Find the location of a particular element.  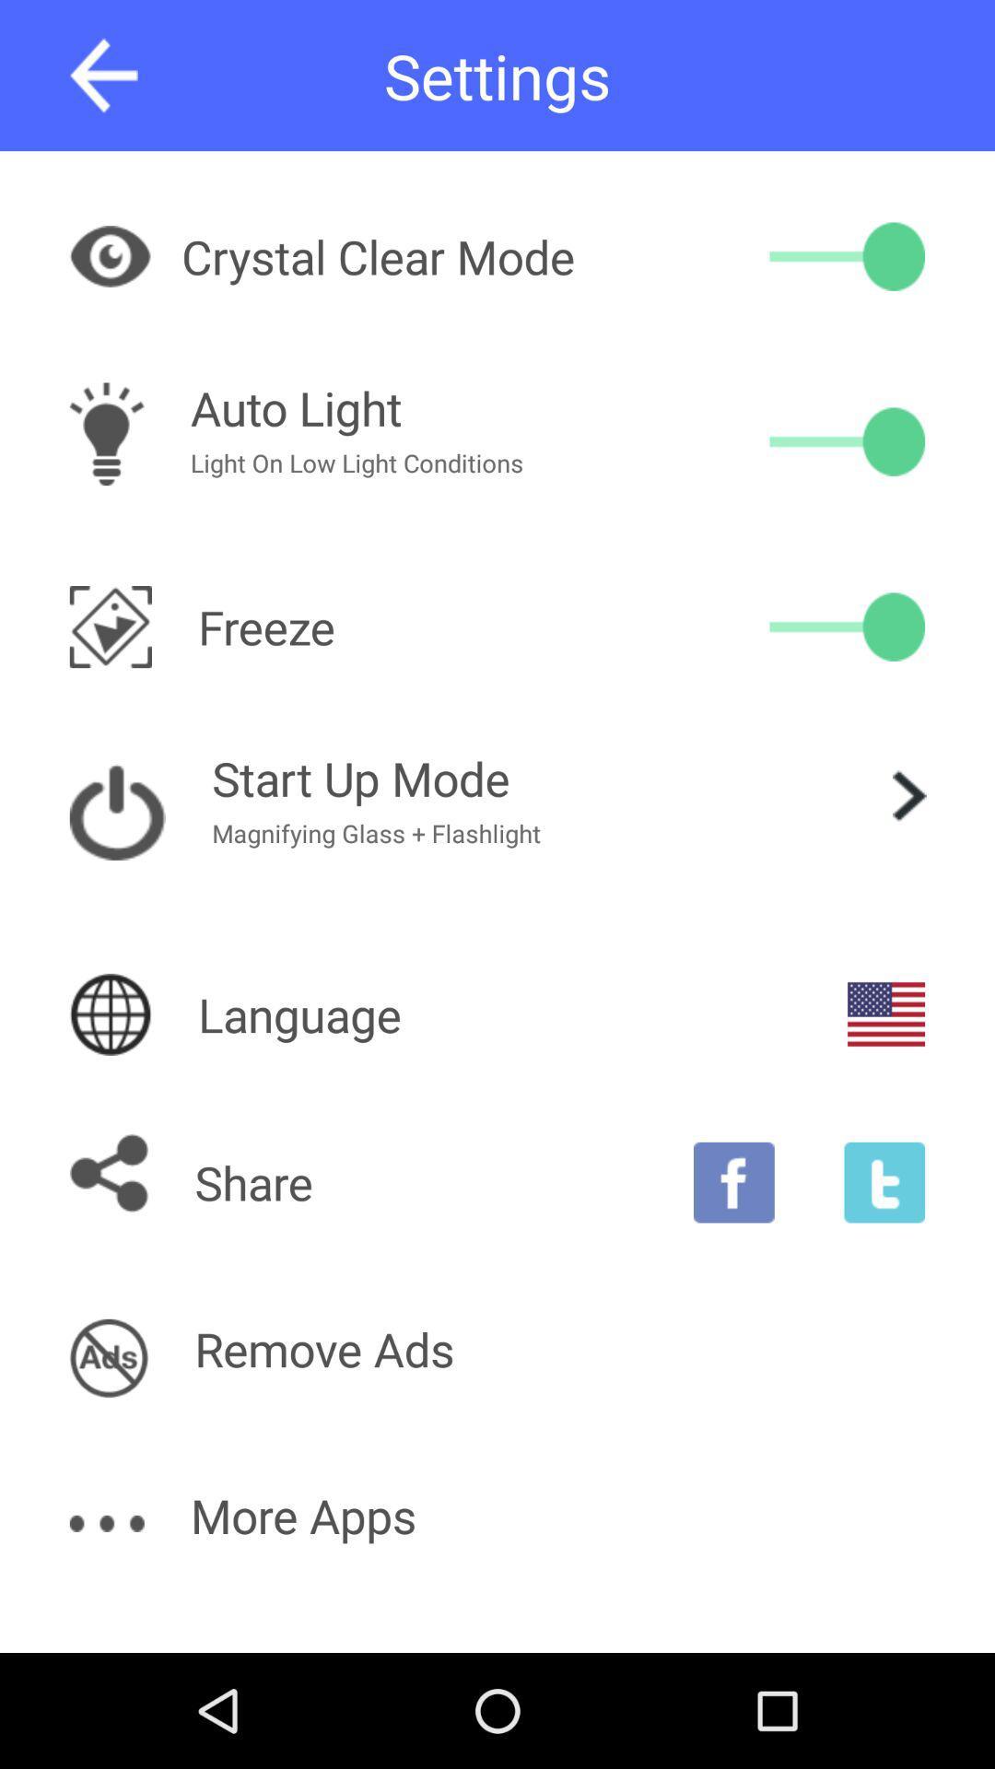

share on facebook is located at coordinates (732, 1182).